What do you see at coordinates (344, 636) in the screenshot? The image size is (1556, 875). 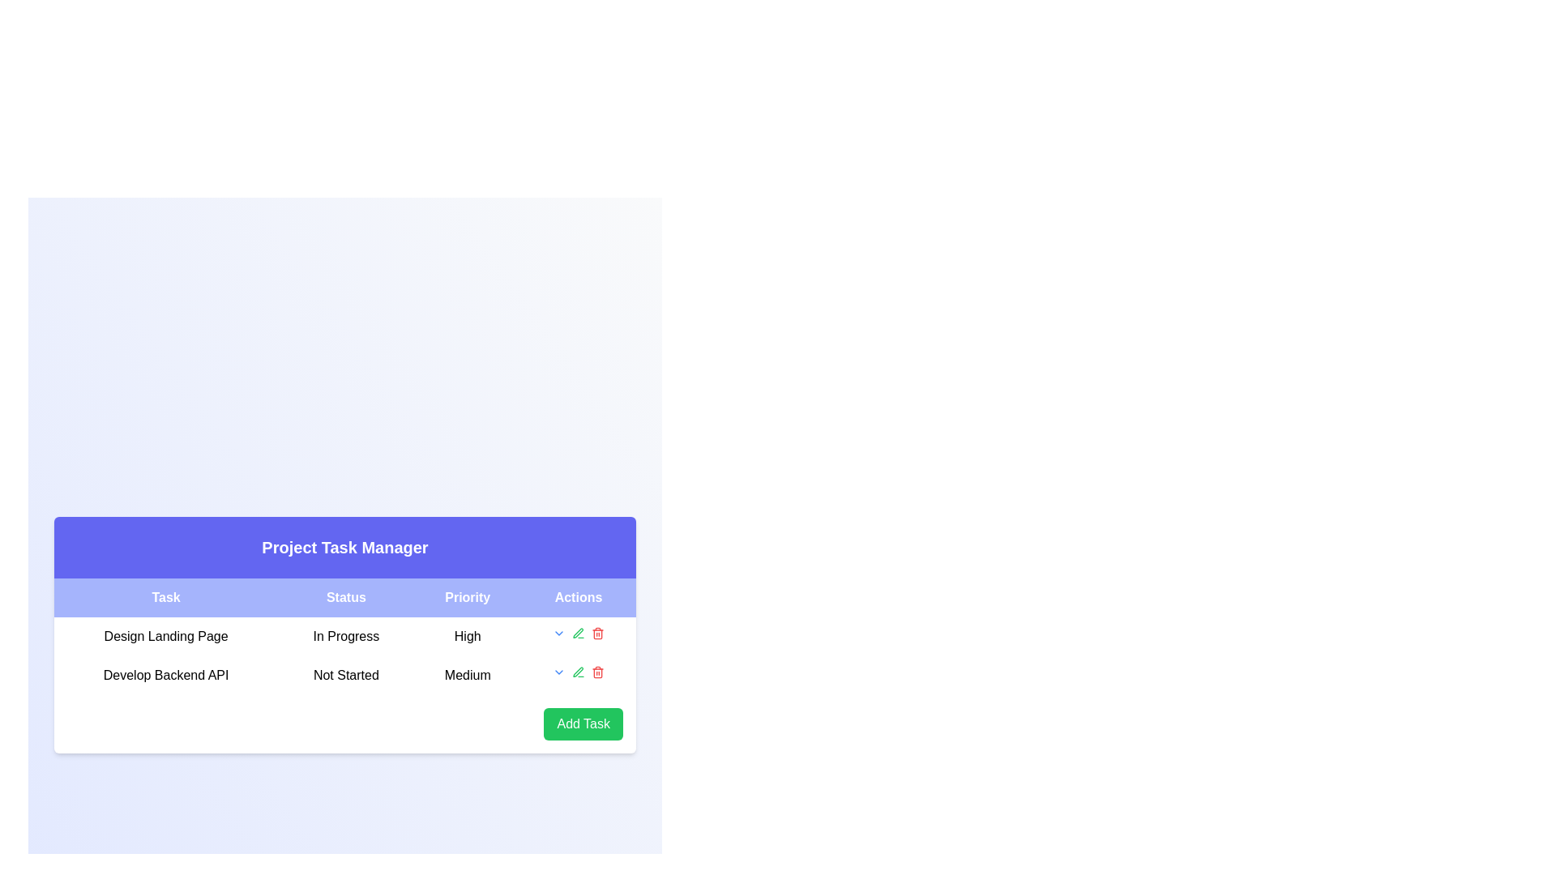 I see `the first row of the task details in the 'Project Task Manager' interface` at bounding box center [344, 636].